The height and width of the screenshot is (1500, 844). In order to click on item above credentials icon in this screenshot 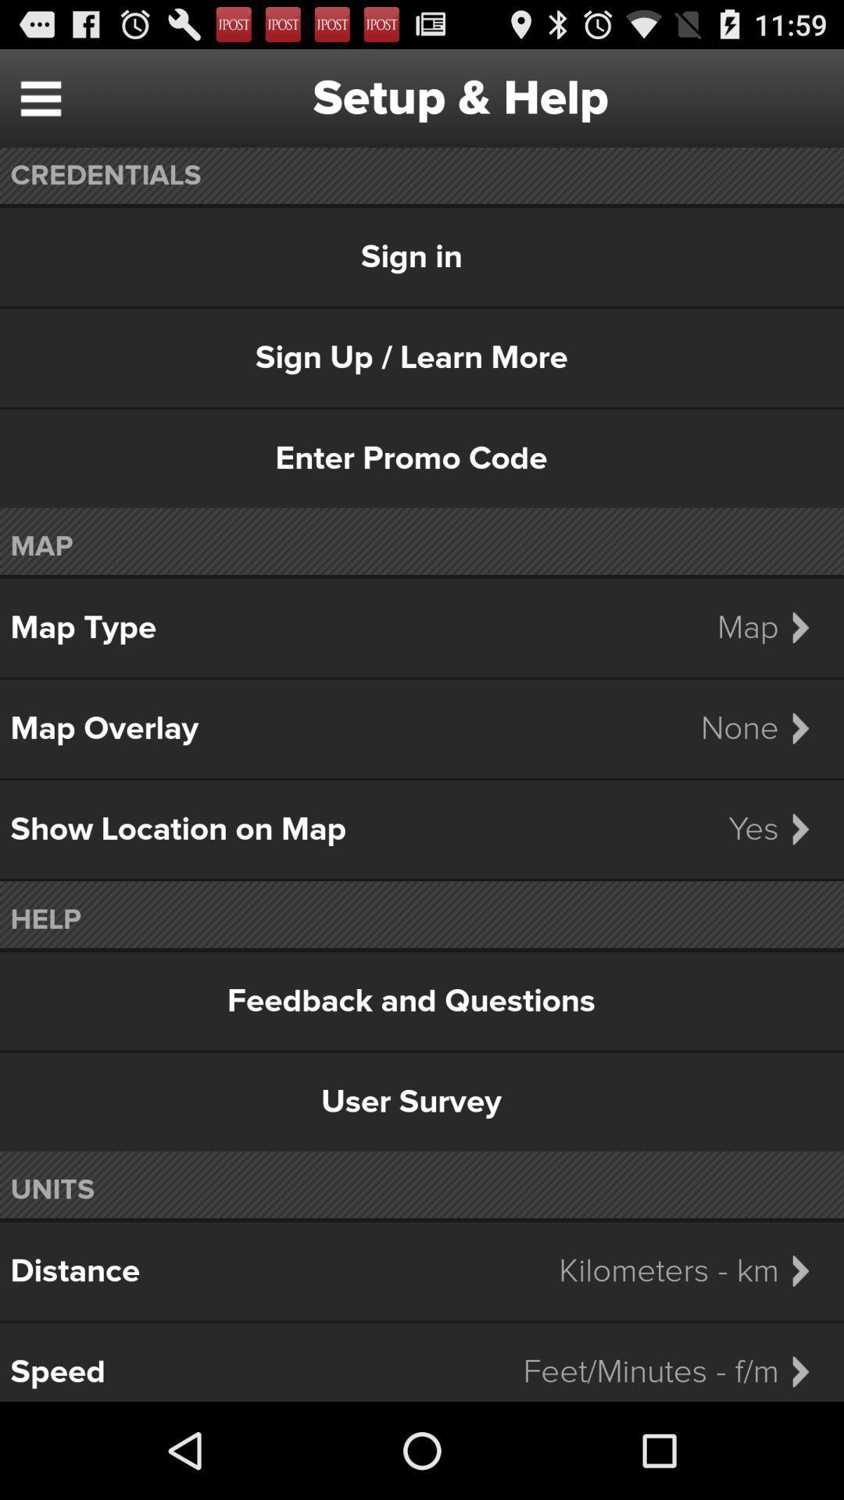, I will do `click(40, 97)`.